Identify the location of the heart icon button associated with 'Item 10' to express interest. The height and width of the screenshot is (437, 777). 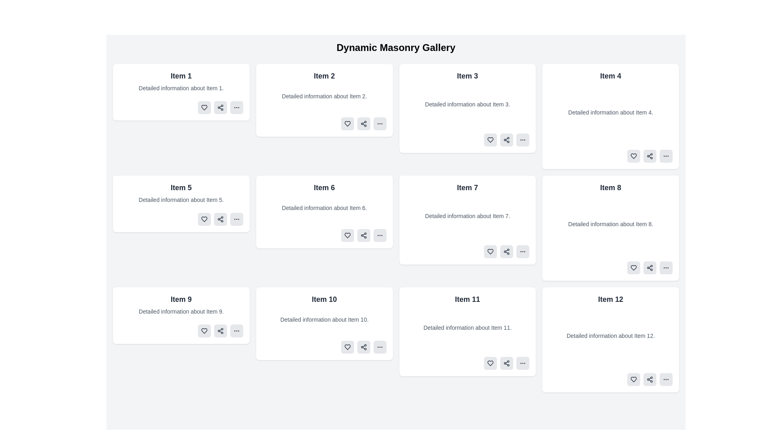
(347, 346).